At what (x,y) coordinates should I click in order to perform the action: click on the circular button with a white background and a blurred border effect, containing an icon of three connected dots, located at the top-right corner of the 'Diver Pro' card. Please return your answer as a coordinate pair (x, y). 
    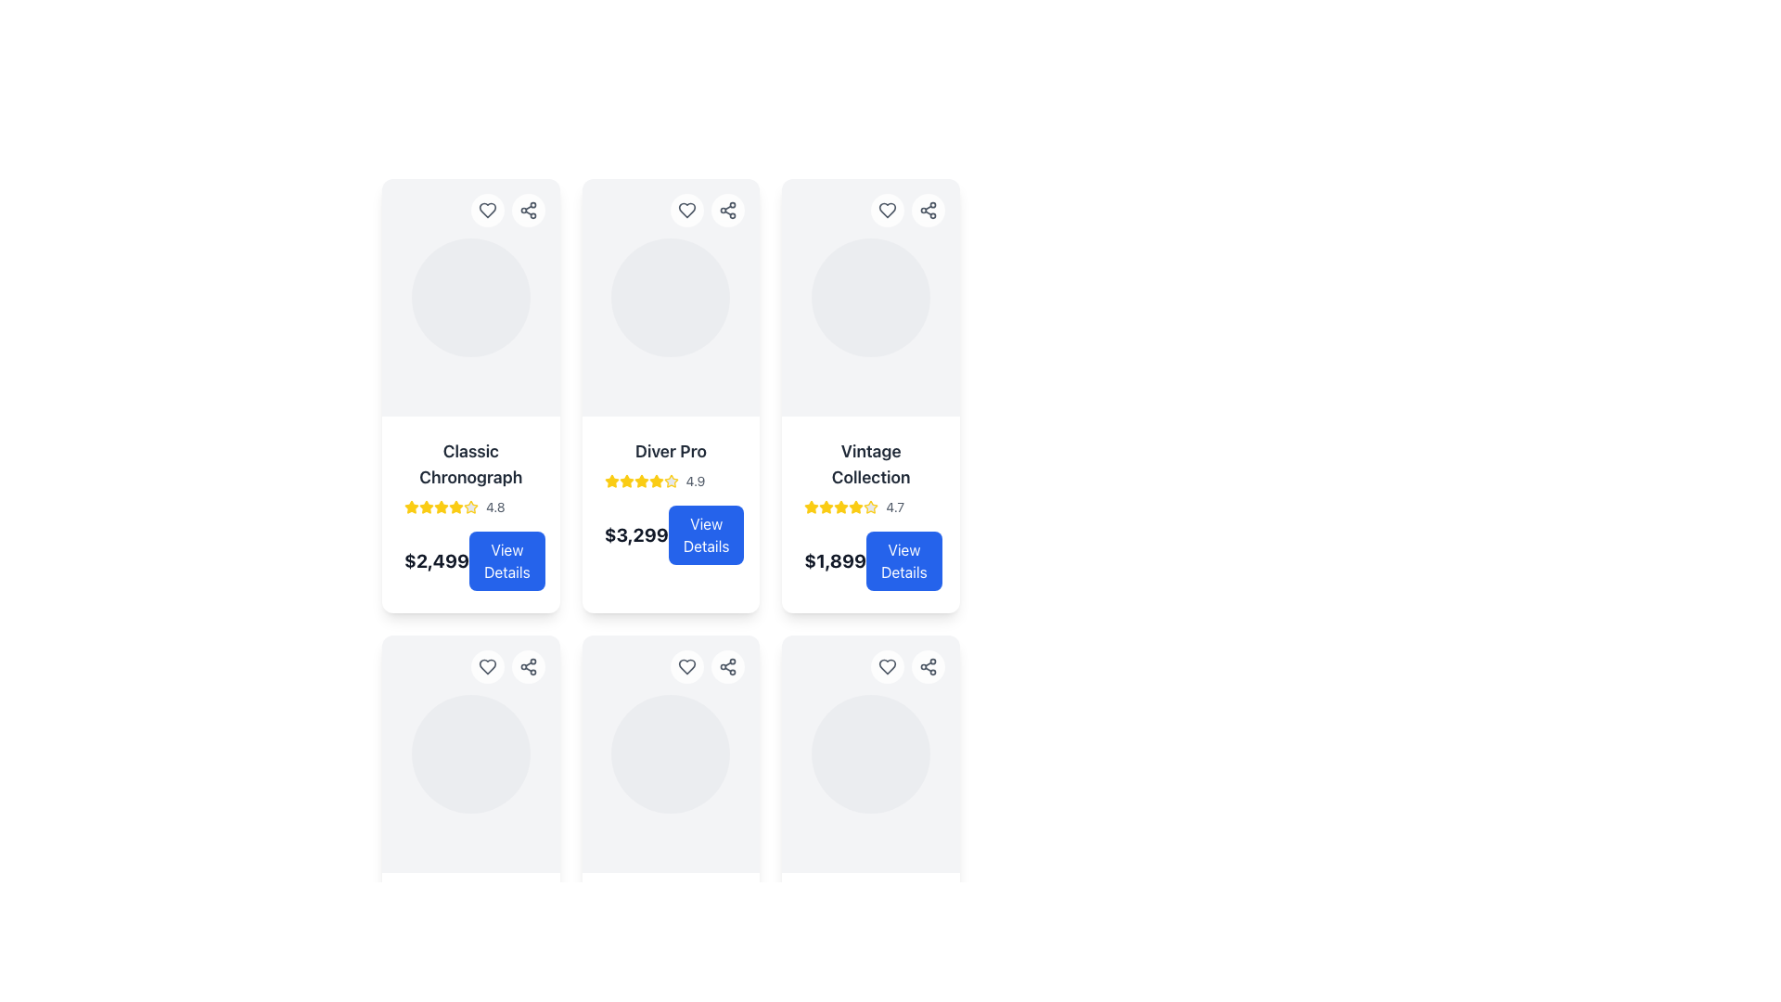
    Looking at the image, I should click on (727, 210).